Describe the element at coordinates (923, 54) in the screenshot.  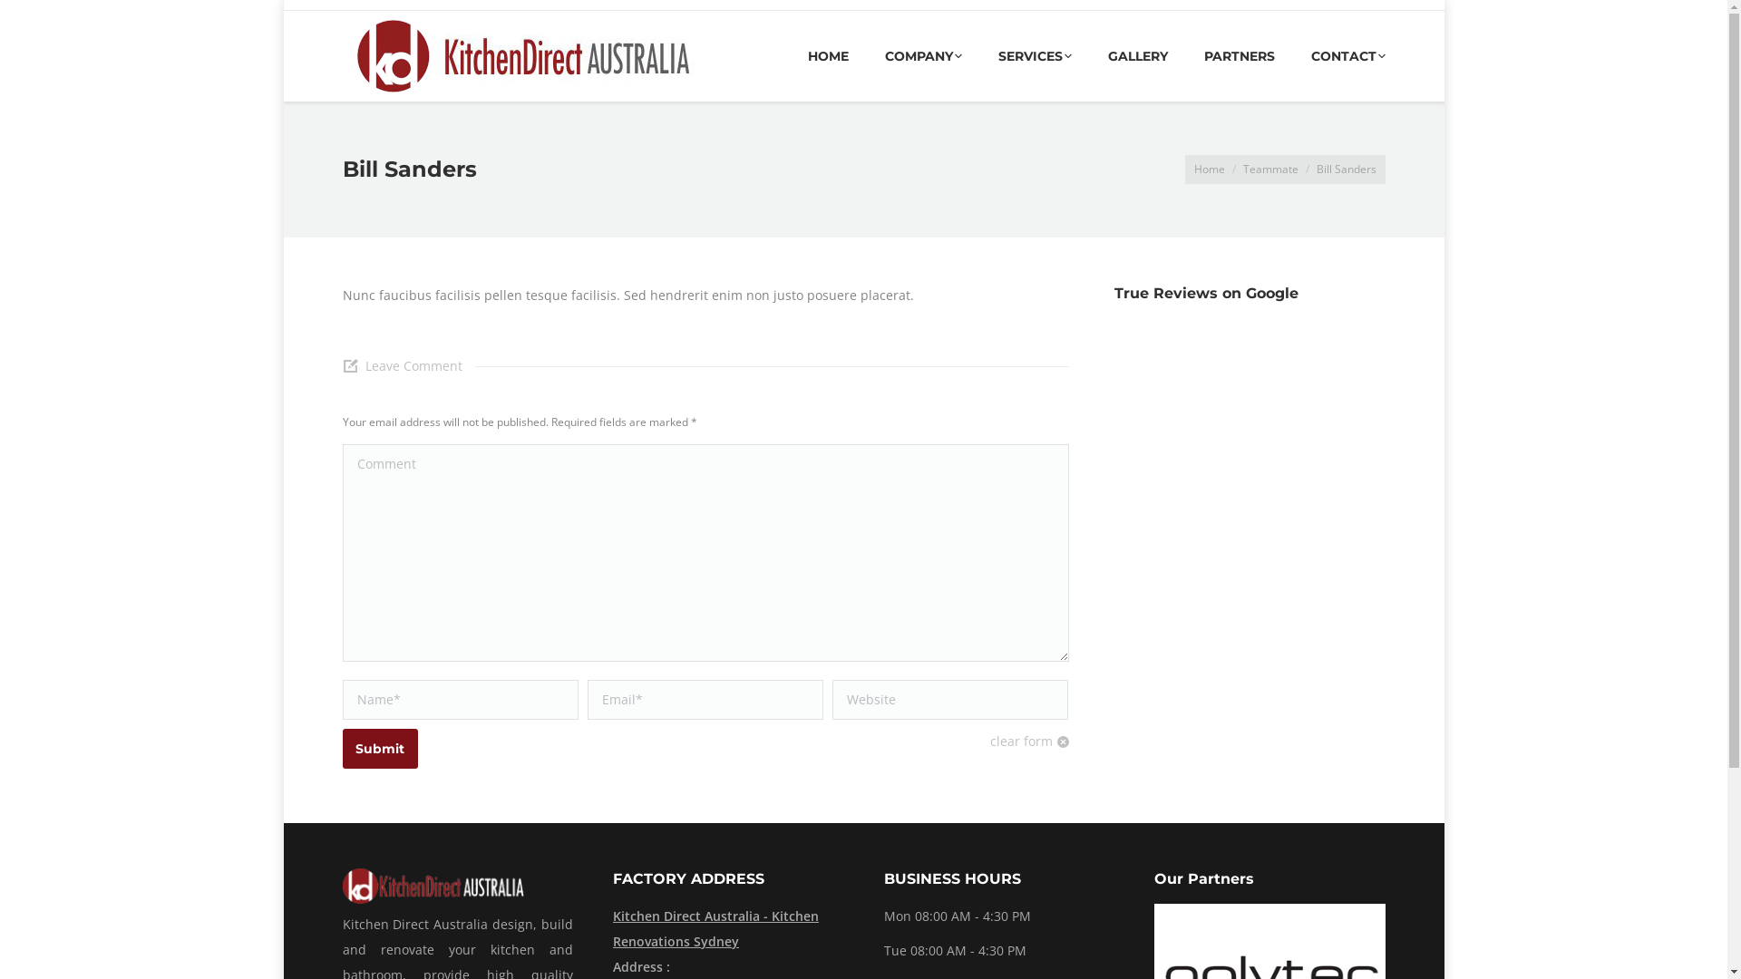
I see `'COMPANY'` at that location.